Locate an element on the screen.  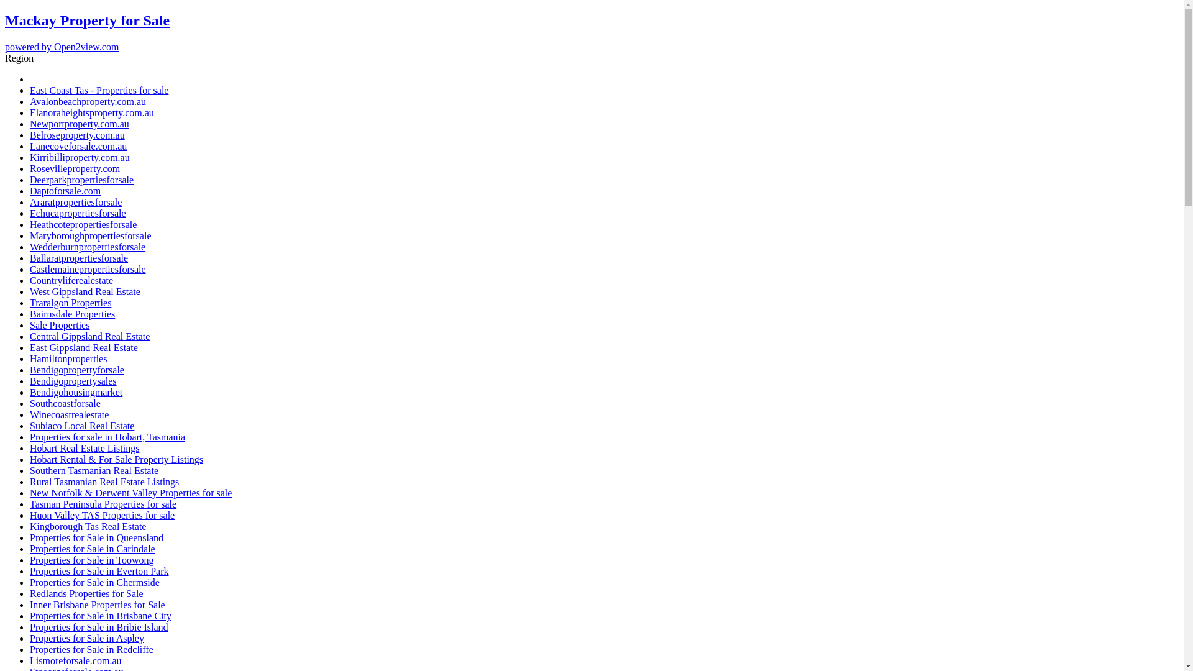
'Lismoreforsale.com.au' is located at coordinates (75, 660).